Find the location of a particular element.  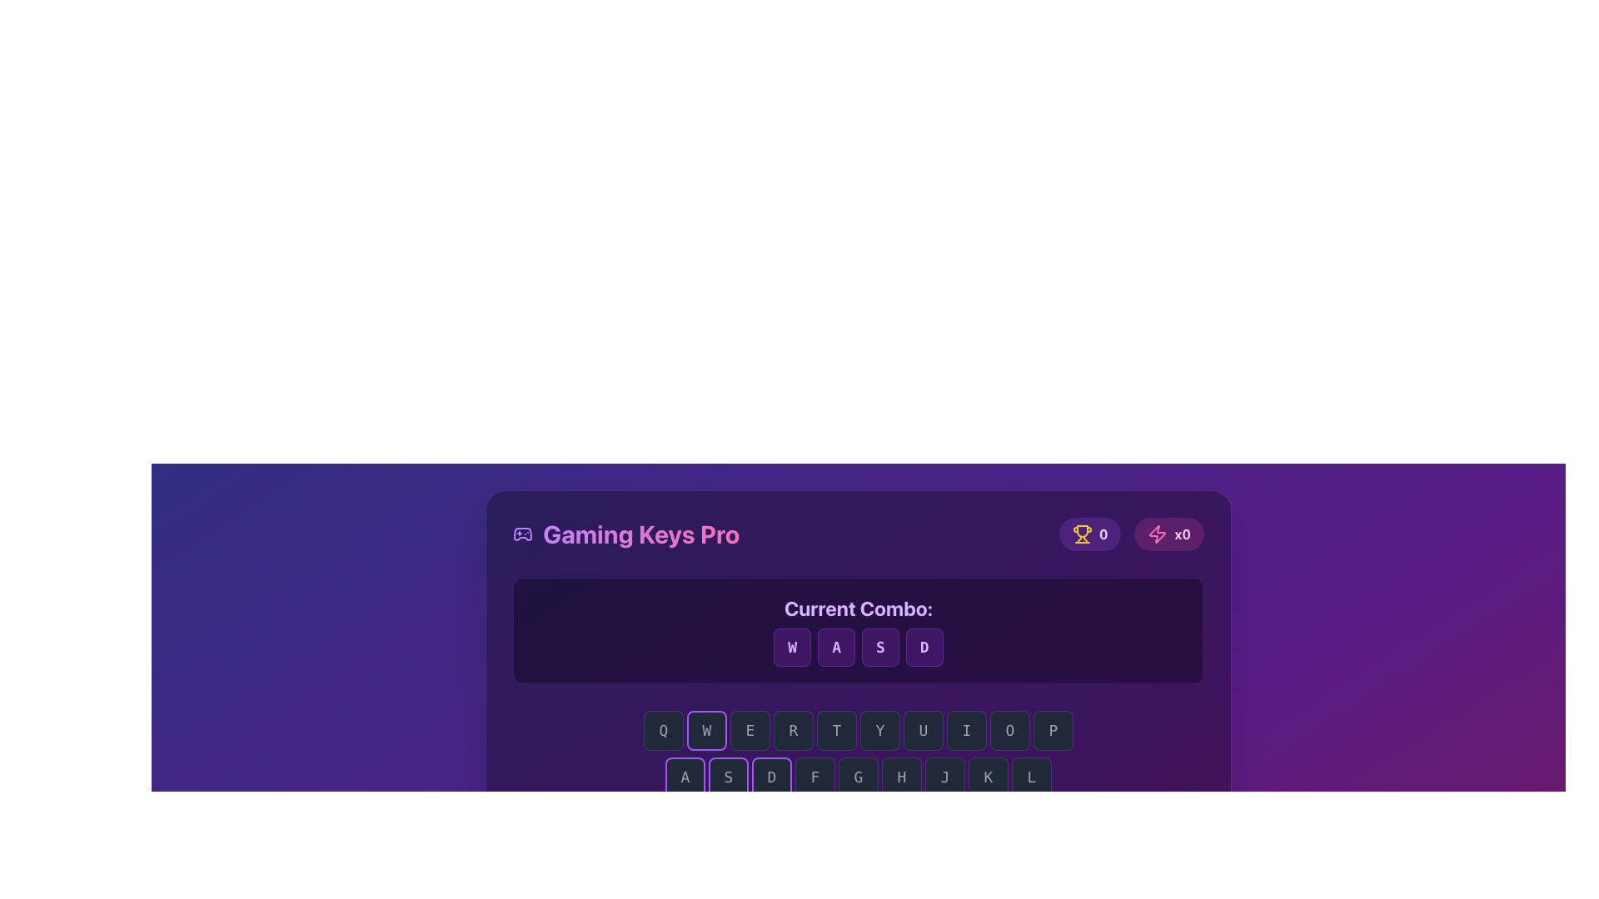

the seventh key from the left in the 'QWERTYUIOP' sequence to simulate a press is located at coordinates (922, 730).